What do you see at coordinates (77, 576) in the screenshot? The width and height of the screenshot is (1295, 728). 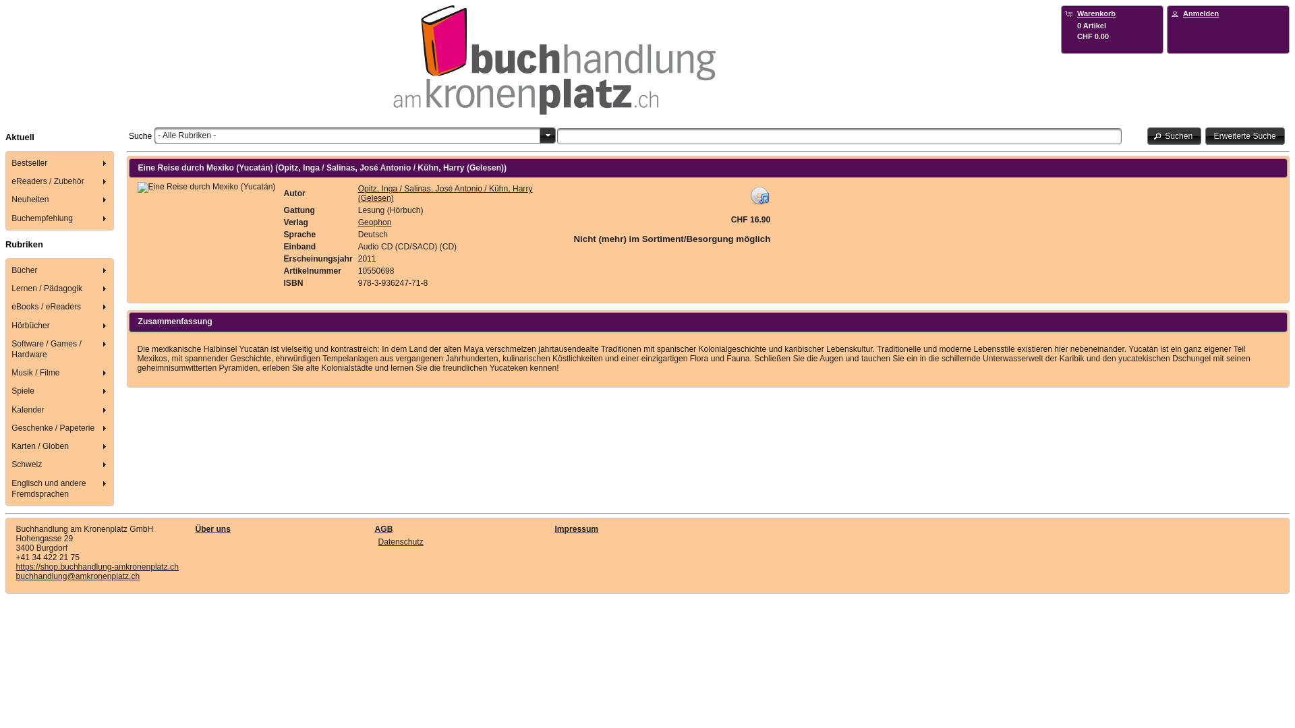 I see `'buchhandlung@amkronenplatz.ch'` at bounding box center [77, 576].